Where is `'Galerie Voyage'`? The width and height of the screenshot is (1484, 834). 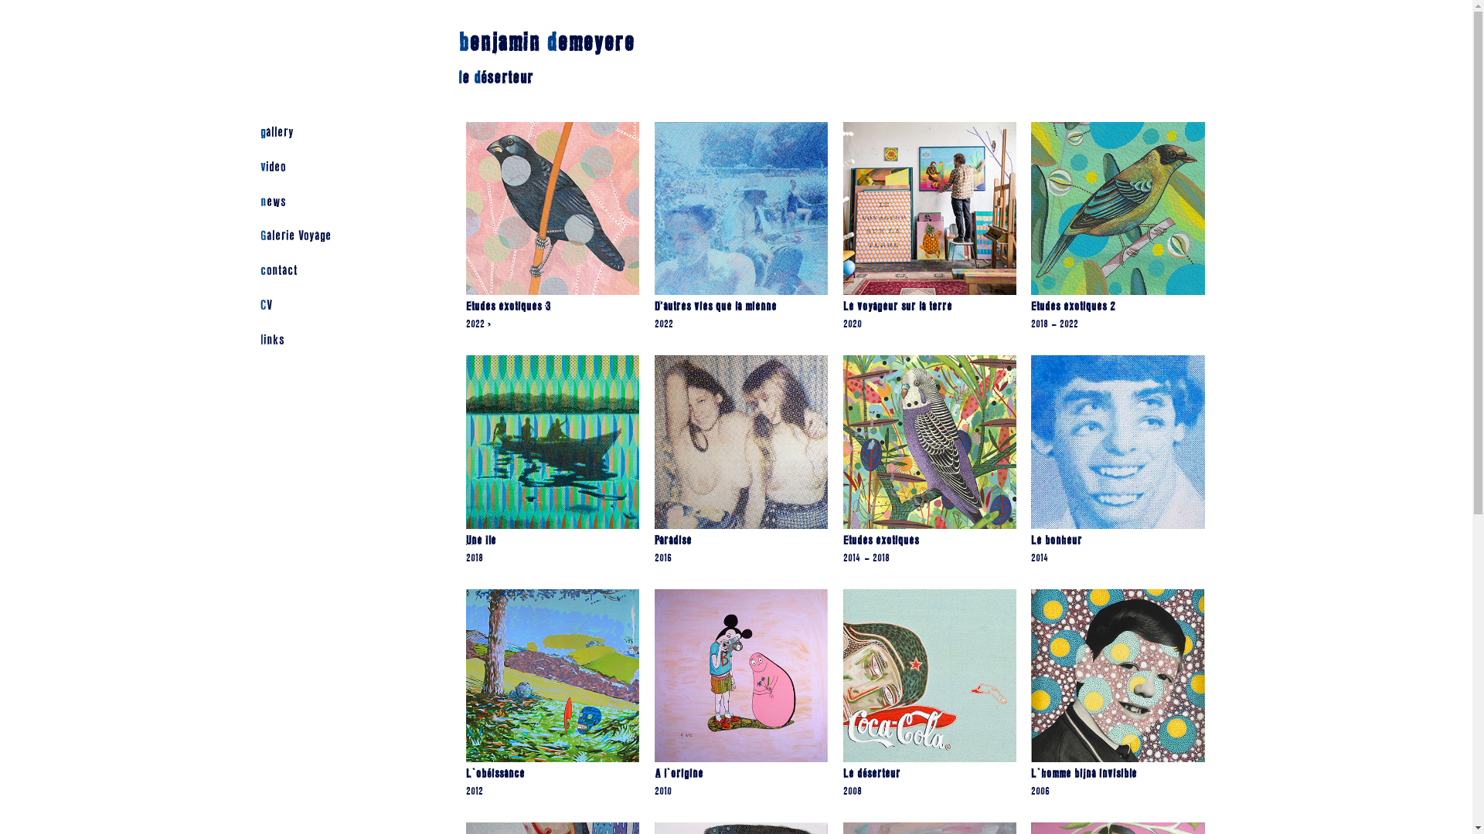 'Galerie Voyage' is located at coordinates (338, 236).